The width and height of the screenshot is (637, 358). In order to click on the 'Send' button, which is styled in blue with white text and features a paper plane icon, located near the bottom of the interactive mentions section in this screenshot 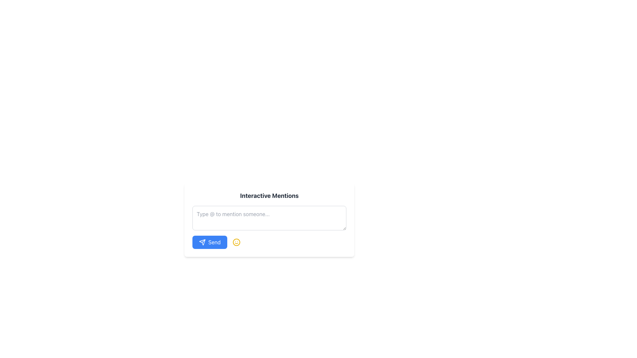, I will do `click(209, 242)`.